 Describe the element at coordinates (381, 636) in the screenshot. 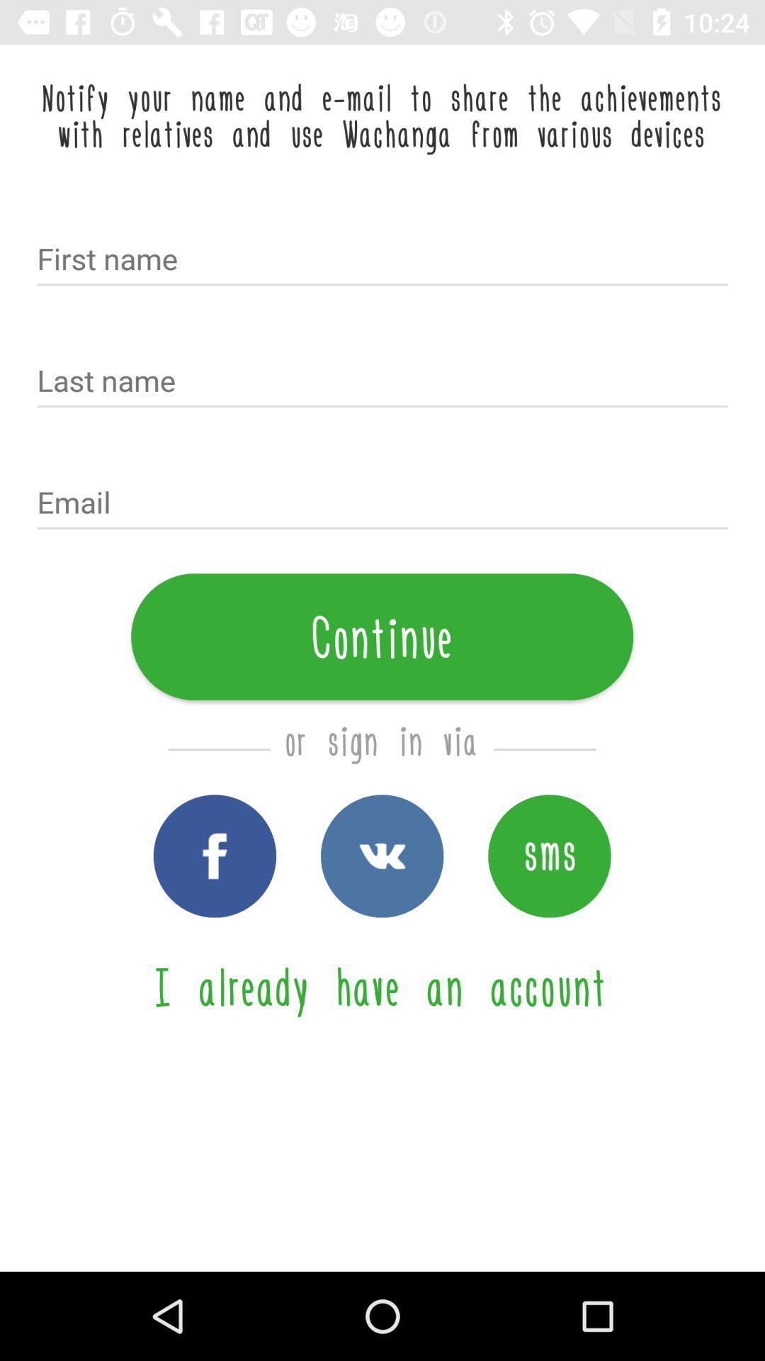

I see `the continue item` at that location.